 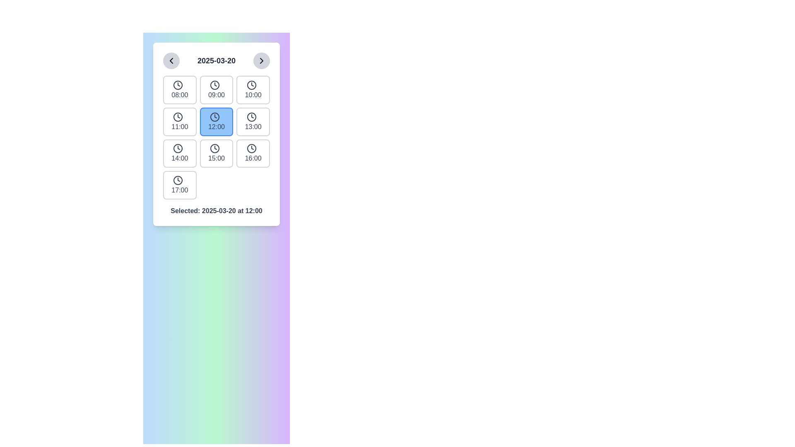 What do you see at coordinates (178, 180) in the screenshot?
I see `the clock icon representing the '17:00' time slot, which is styled with a circular border and clock hands, located in the bottom row, leftmost column` at bounding box center [178, 180].